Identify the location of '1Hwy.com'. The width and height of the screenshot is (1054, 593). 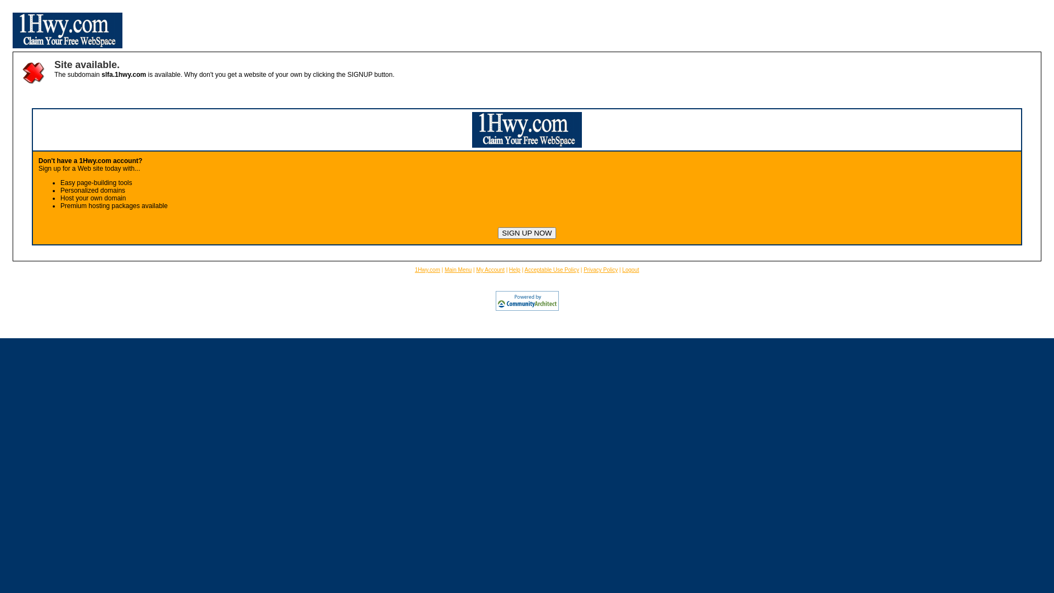
(427, 270).